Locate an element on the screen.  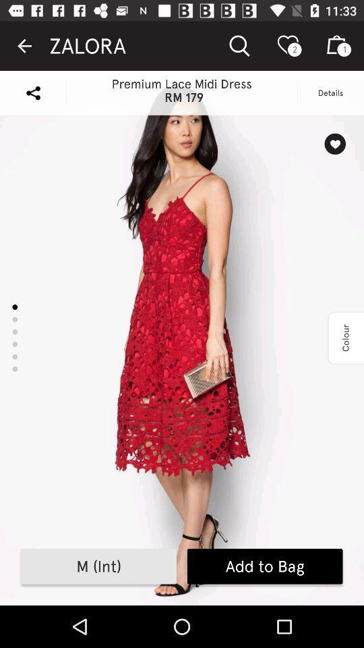
the m (int) is located at coordinates (98, 566).